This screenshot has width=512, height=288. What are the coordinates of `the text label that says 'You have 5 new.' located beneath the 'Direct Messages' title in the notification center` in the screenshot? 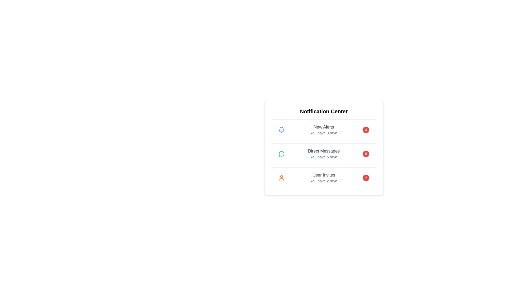 It's located at (323, 157).